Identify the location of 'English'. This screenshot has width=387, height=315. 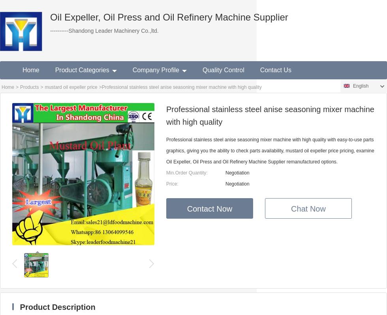
(361, 86).